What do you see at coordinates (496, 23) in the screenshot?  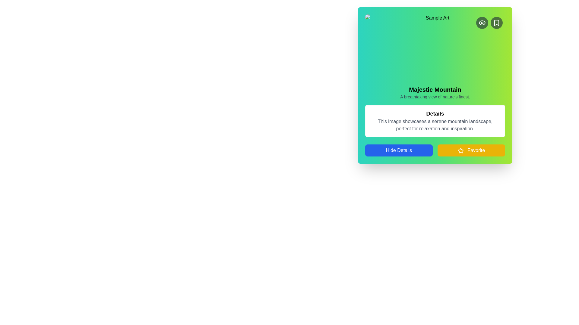 I see `the bookmark icon inside the circular button located at the top-right of the card` at bounding box center [496, 23].